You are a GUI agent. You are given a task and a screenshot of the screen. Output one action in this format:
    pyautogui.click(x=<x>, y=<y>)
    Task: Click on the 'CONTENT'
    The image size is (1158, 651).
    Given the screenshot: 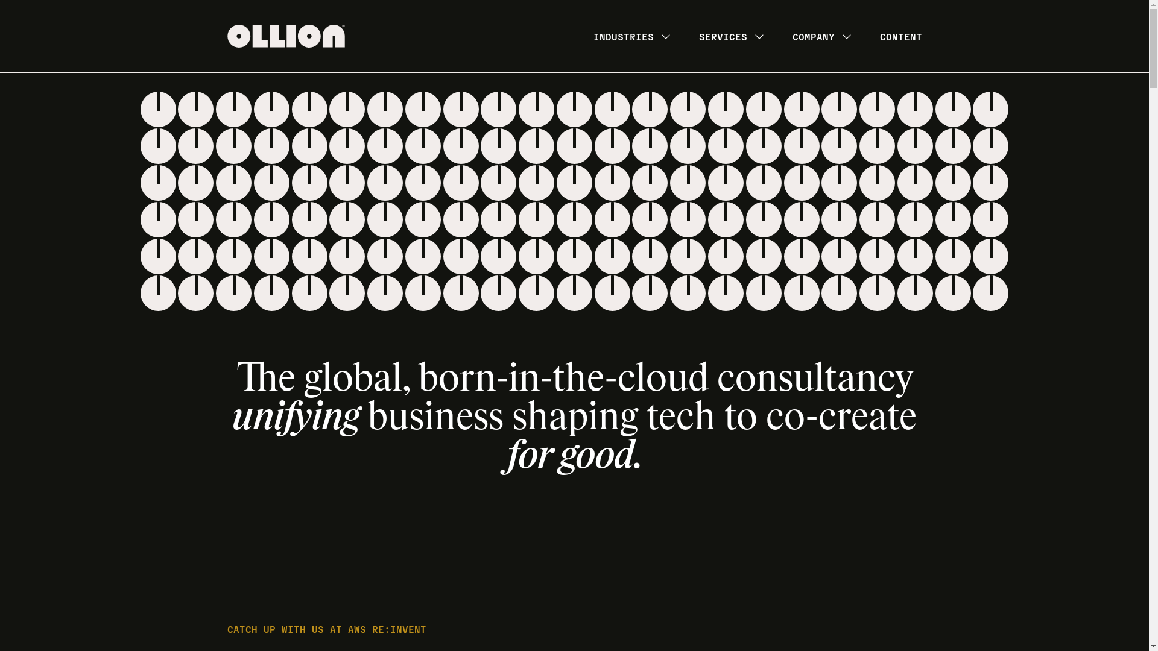 What is the action you would take?
    pyautogui.click(x=900, y=36)
    